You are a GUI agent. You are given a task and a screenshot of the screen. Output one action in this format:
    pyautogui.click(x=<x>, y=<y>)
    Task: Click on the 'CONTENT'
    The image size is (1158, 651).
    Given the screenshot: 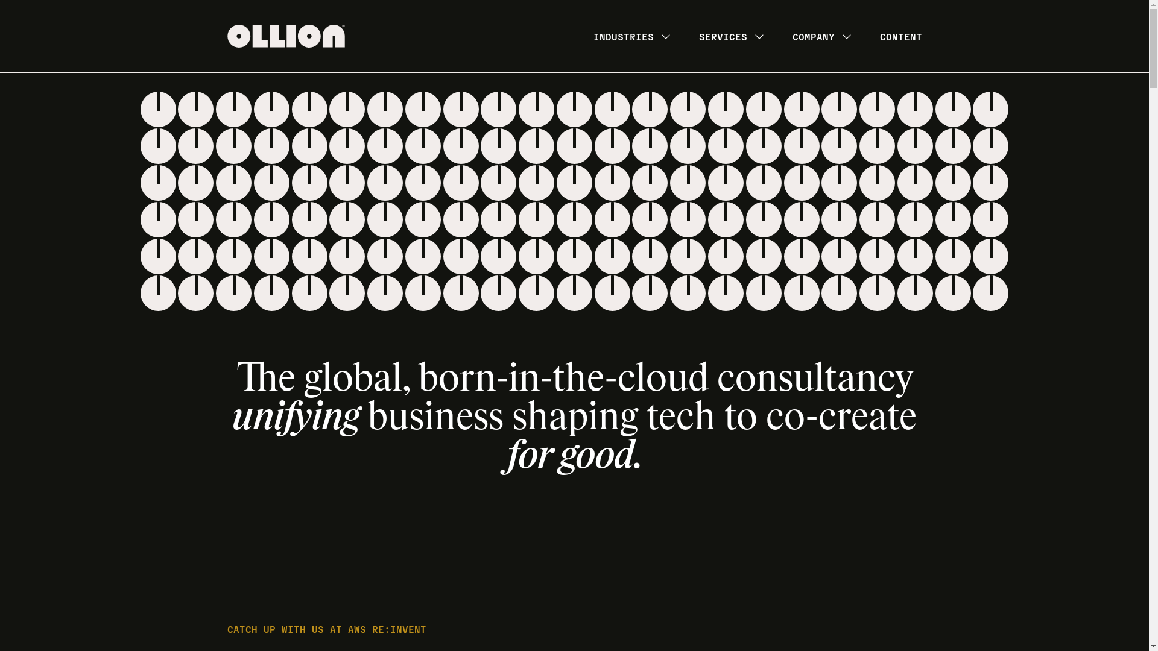 What is the action you would take?
    pyautogui.click(x=900, y=36)
    